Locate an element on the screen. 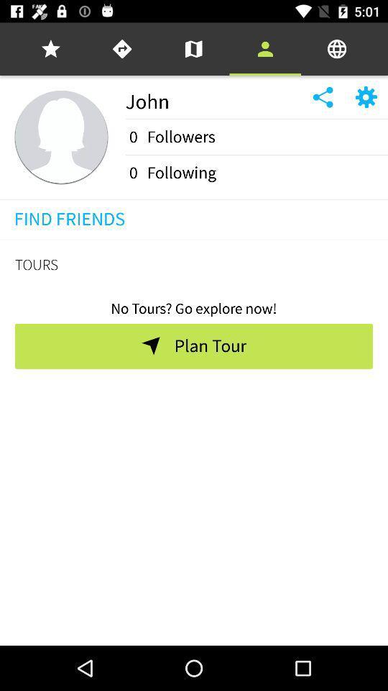 The height and width of the screenshot is (691, 388). the icon above find friends icon is located at coordinates (194, 199).